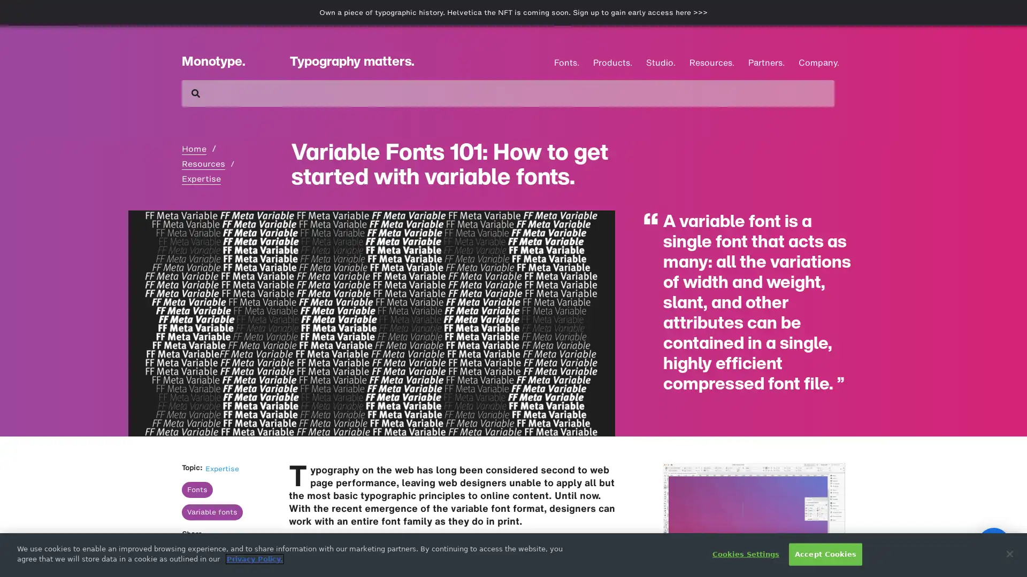 The width and height of the screenshot is (1027, 577). What do you see at coordinates (993, 544) in the screenshot?
I see `Open Intercom Messenger` at bounding box center [993, 544].